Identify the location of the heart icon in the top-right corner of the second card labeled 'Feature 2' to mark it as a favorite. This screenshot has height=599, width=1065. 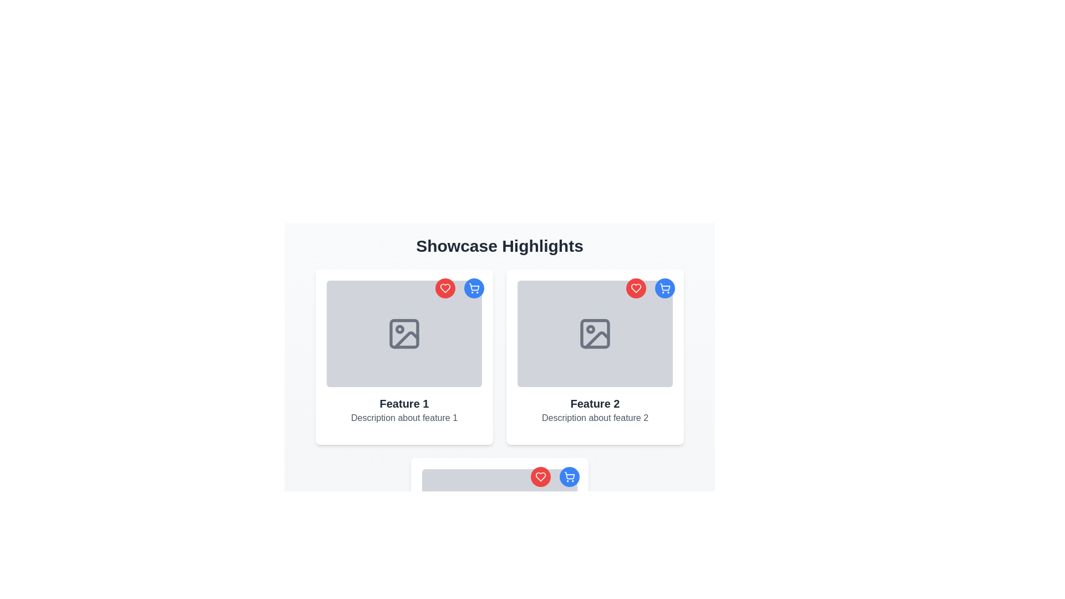
(540, 476).